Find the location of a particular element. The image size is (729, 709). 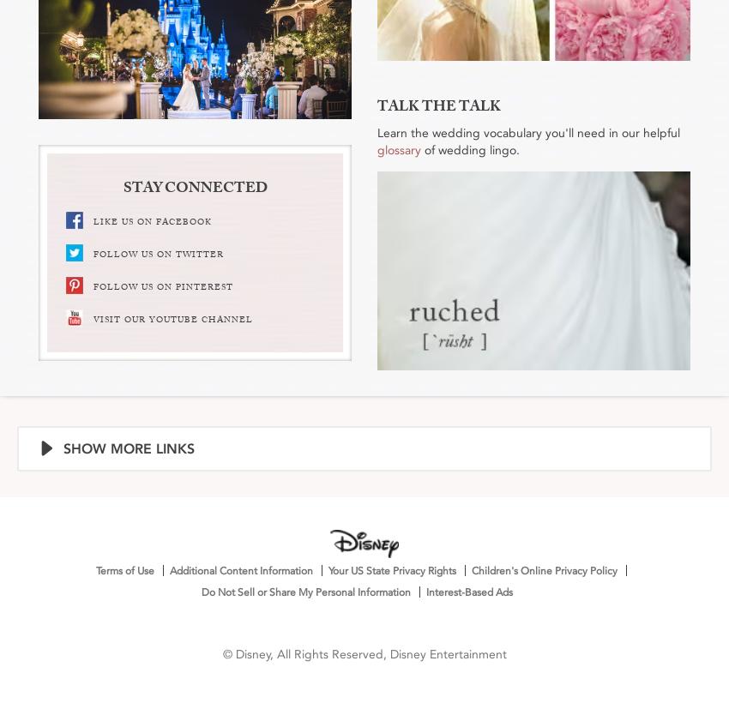

'Additional Content Information' is located at coordinates (240, 569).